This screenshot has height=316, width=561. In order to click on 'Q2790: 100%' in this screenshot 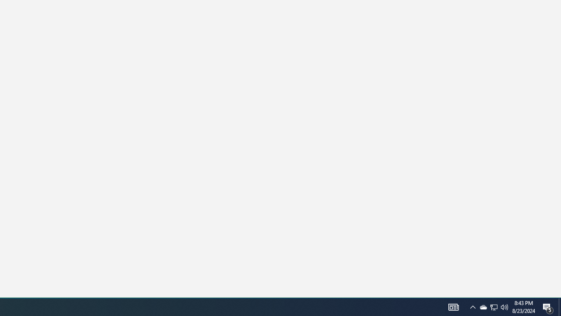, I will do `click(483, 306)`.